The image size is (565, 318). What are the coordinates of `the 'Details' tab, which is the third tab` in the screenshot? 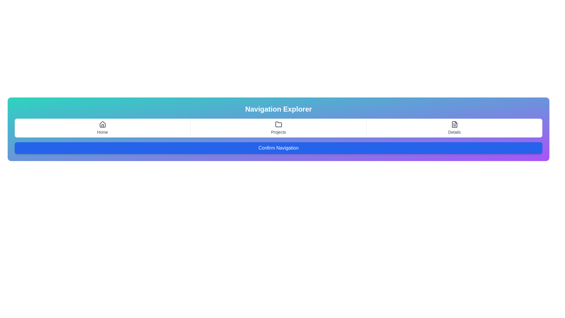 It's located at (454, 128).